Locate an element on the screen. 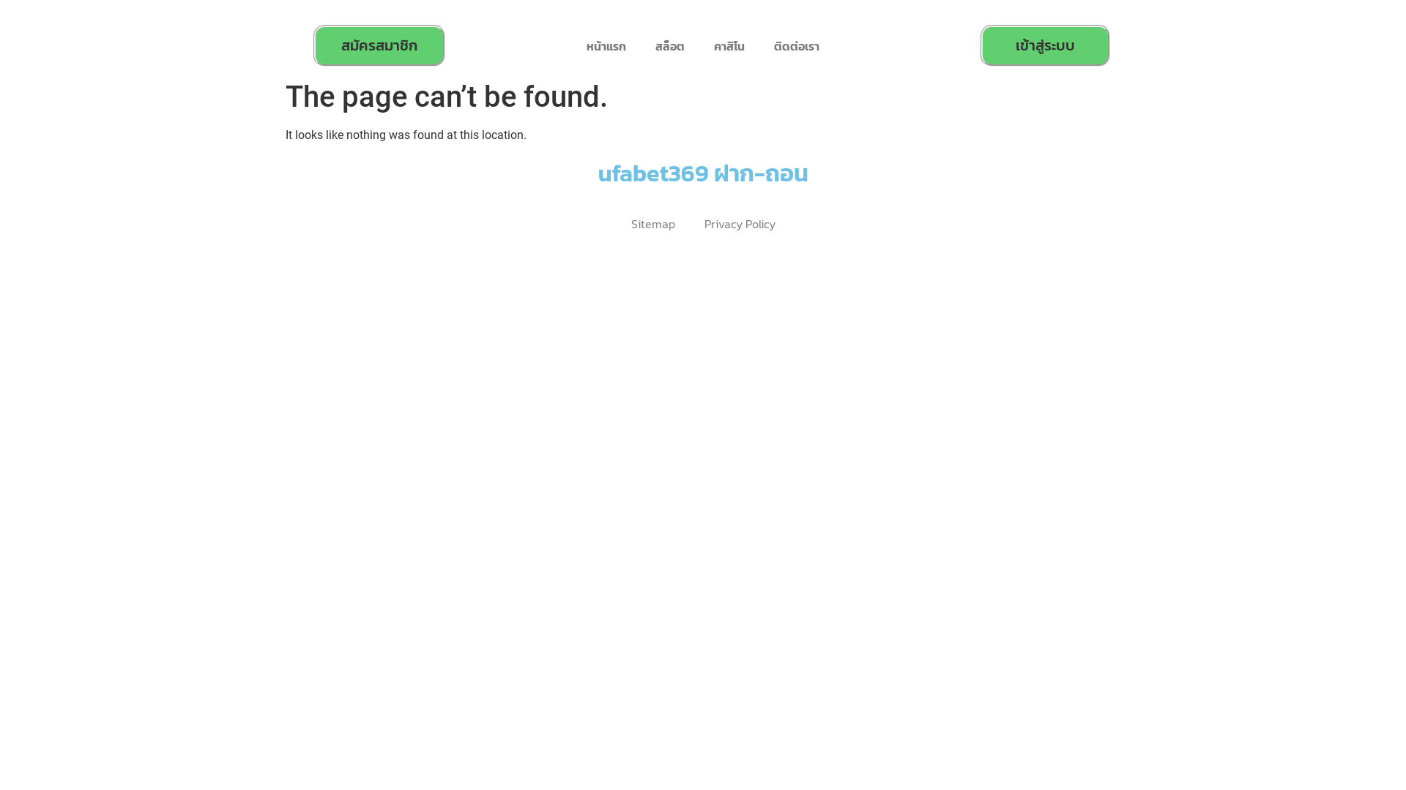  'Sitemap' is located at coordinates (652, 224).